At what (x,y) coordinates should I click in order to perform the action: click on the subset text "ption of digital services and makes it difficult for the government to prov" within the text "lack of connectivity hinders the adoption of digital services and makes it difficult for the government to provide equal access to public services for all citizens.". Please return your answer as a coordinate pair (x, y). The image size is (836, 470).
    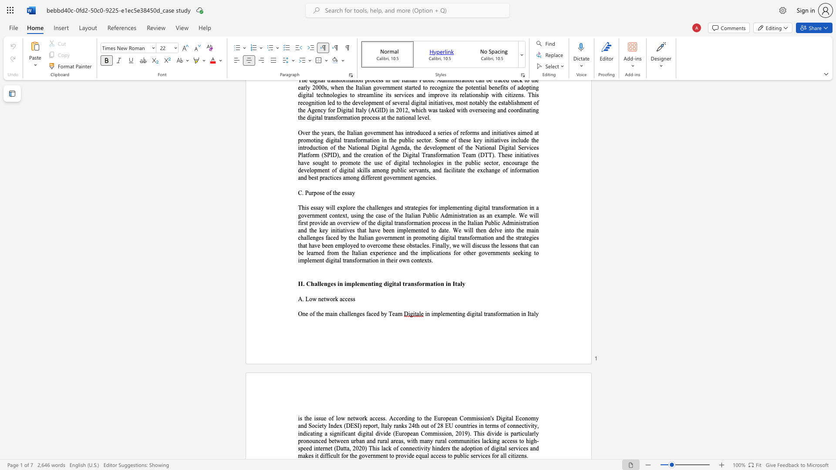
    Looking at the image, I should click on (469, 448).